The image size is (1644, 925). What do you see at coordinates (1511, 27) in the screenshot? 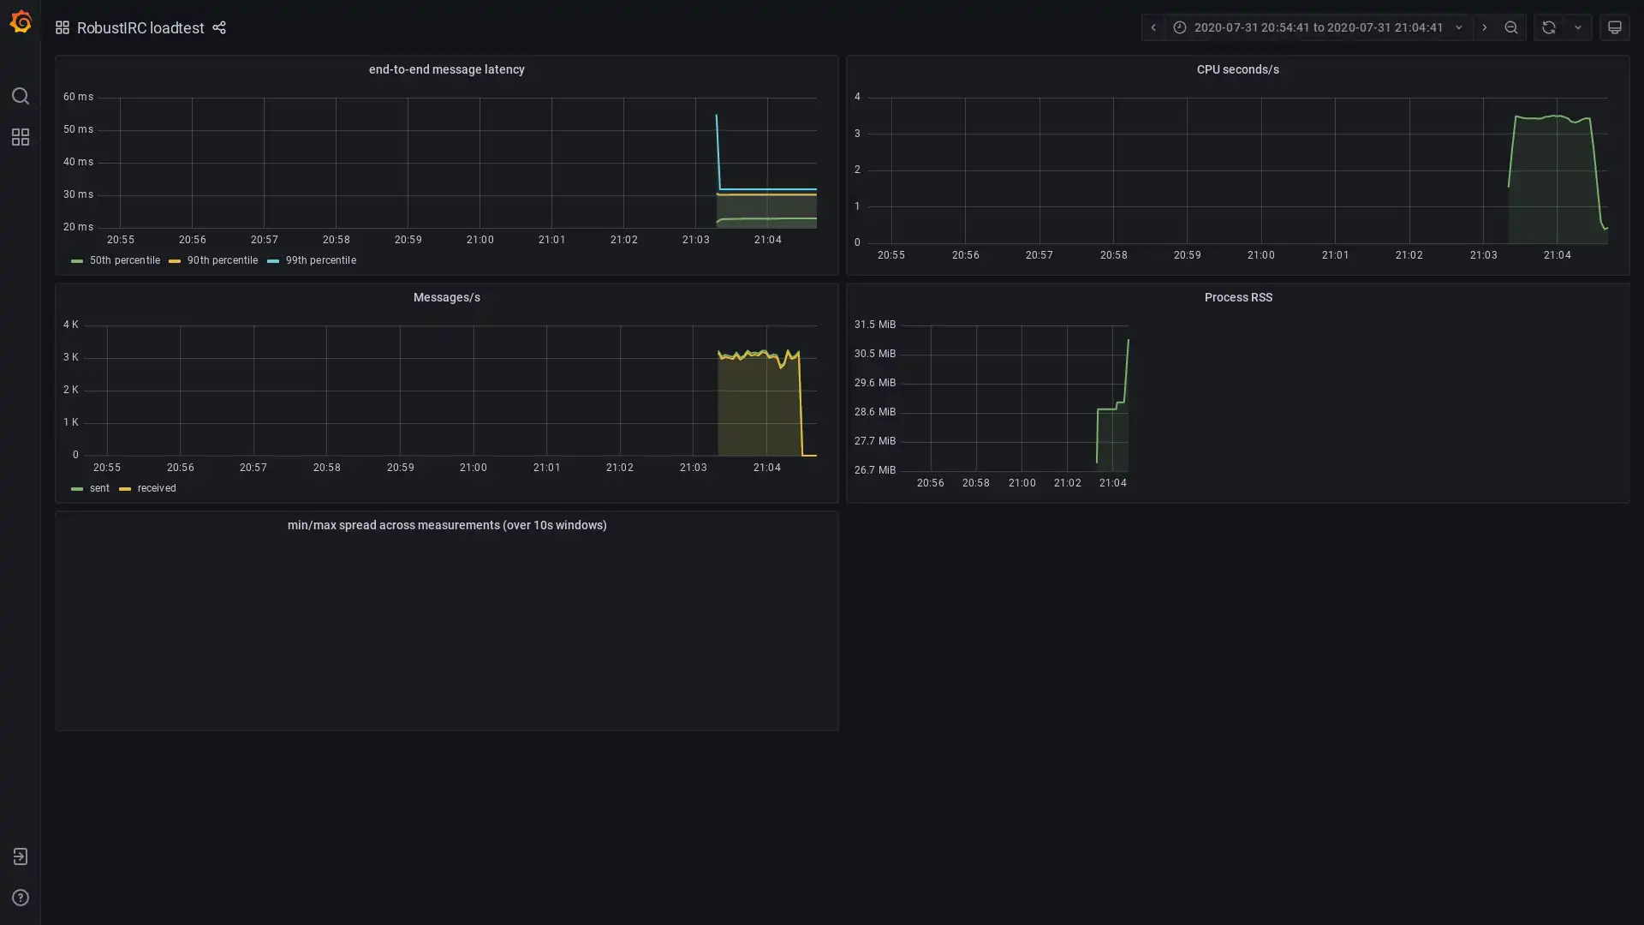
I see `Zoom out time range` at bounding box center [1511, 27].